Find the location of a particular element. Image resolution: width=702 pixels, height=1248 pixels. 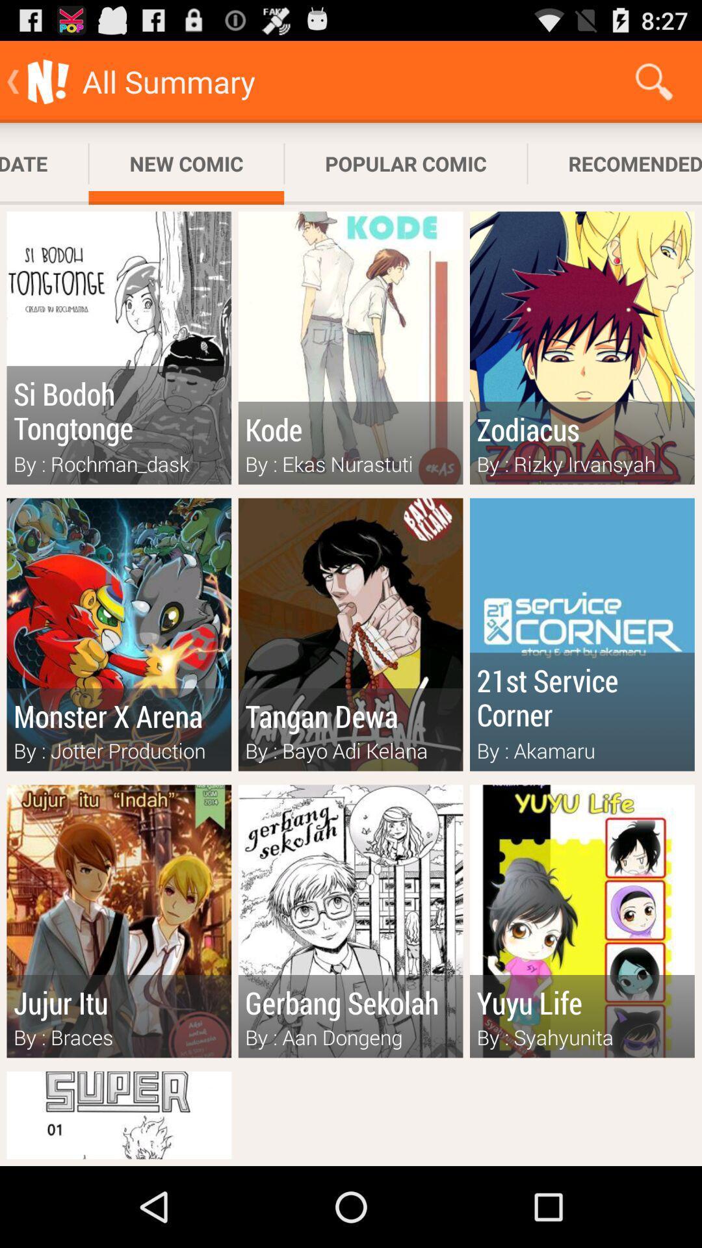

the item below all summary is located at coordinates (186, 163).